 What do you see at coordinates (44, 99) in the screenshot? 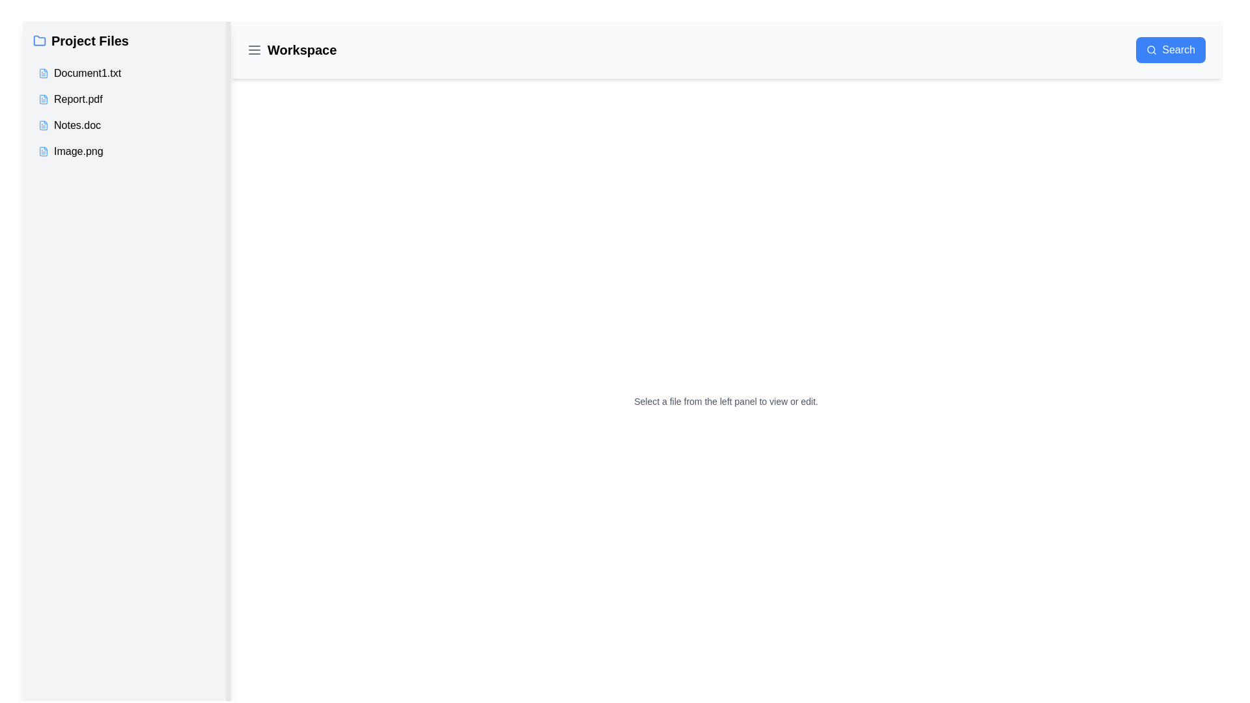
I see `the icon representing the 'Report.pdf' file in the sidebar` at bounding box center [44, 99].